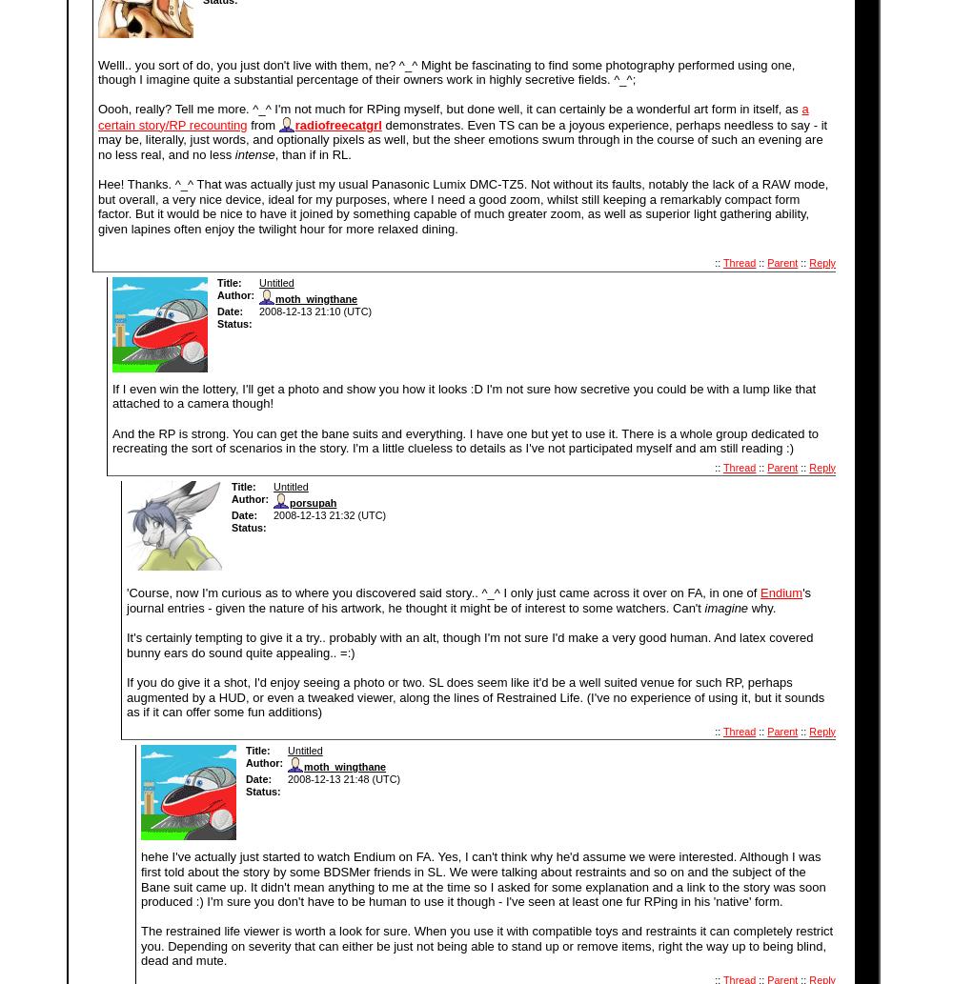 This screenshot has width=953, height=984. Describe the element at coordinates (274, 154) in the screenshot. I see `', than if in RL.'` at that location.